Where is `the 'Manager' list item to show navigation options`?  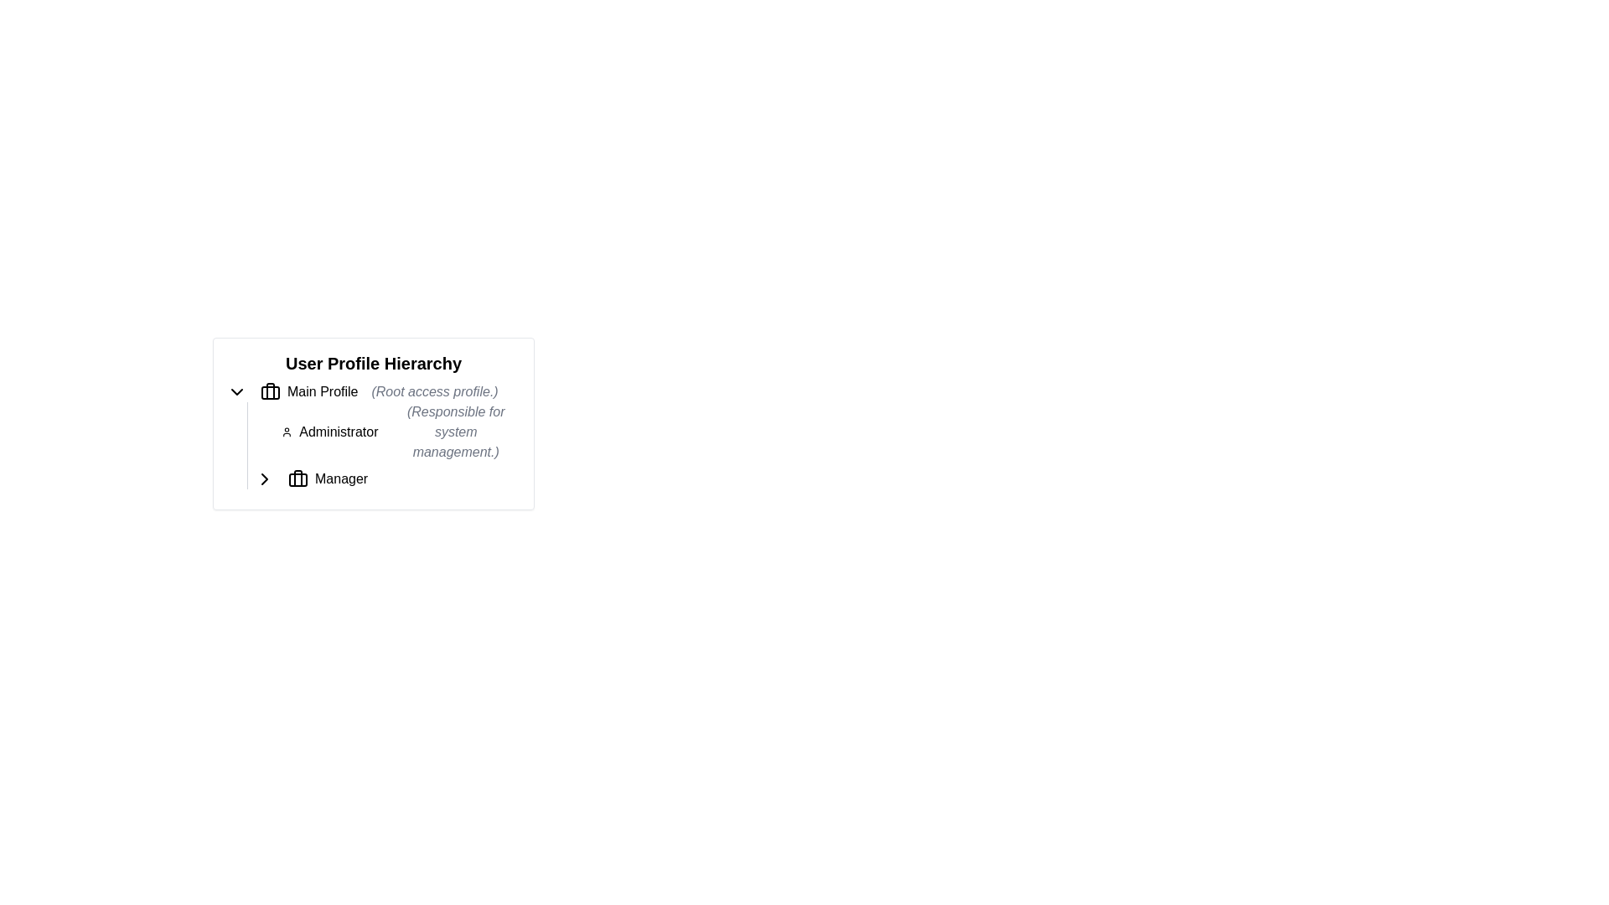
the 'Manager' list item to show navigation options is located at coordinates (386, 478).